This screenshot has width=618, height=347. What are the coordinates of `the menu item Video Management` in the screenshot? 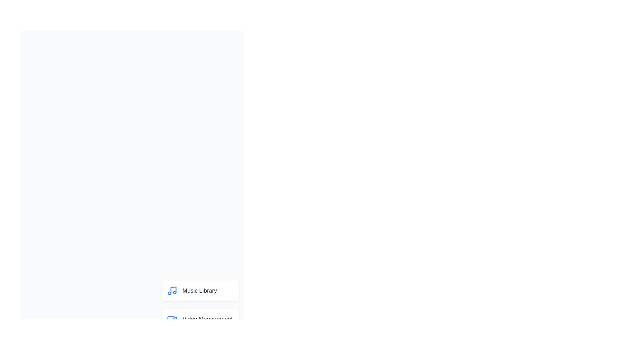 It's located at (200, 319).